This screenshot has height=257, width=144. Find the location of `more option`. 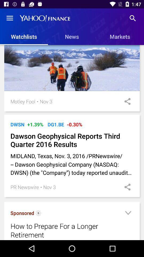

more option is located at coordinates (128, 214).